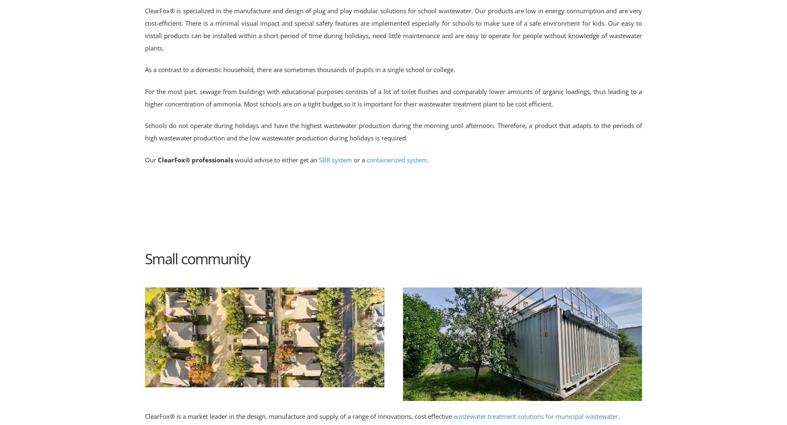  What do you see at coordinates (393, 131) in the screenshot?
I see `'Schools do not operate during holidays and have the highest wastewater production during the morning until afternoon. Therefore, a product that adapts to the periods of high wastewater production and the low wastewater production during holidays is required.'` at bounding box center [393, 131].